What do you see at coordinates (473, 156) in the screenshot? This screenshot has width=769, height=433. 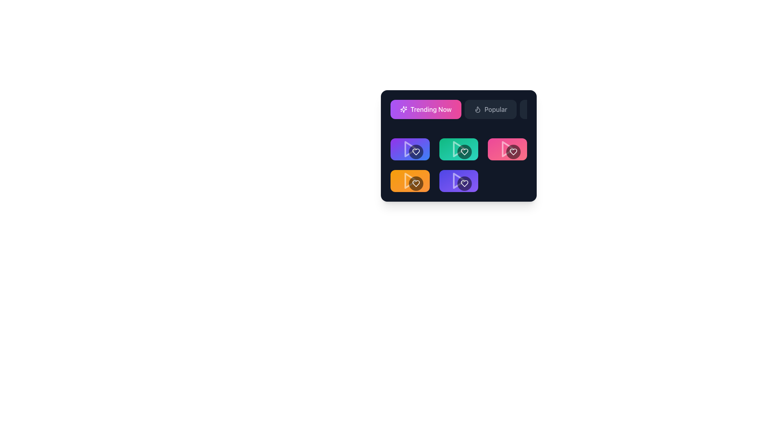 I see `the favorite indicator icon located in the second row, second box from the left with a green background` at bounding box center [473, 156].